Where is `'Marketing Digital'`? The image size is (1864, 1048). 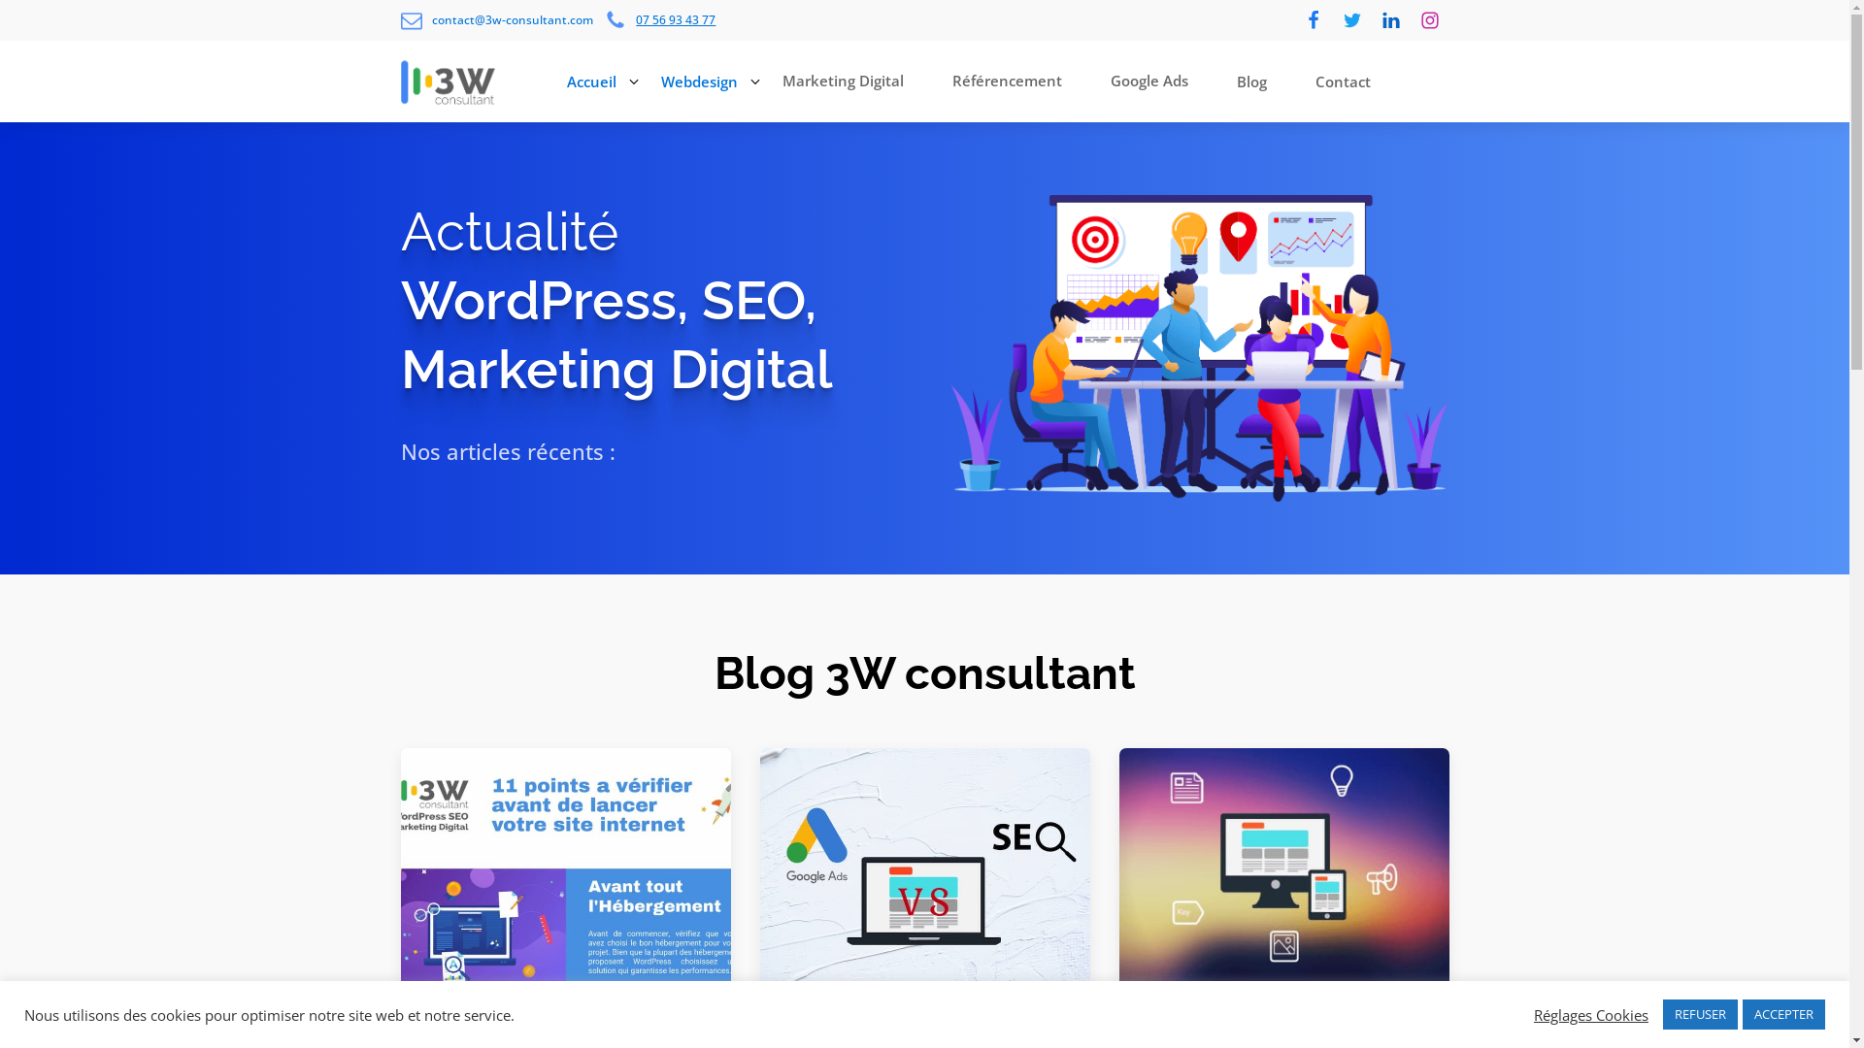
'Marketing Digital' is located at coordinates (848, 81).